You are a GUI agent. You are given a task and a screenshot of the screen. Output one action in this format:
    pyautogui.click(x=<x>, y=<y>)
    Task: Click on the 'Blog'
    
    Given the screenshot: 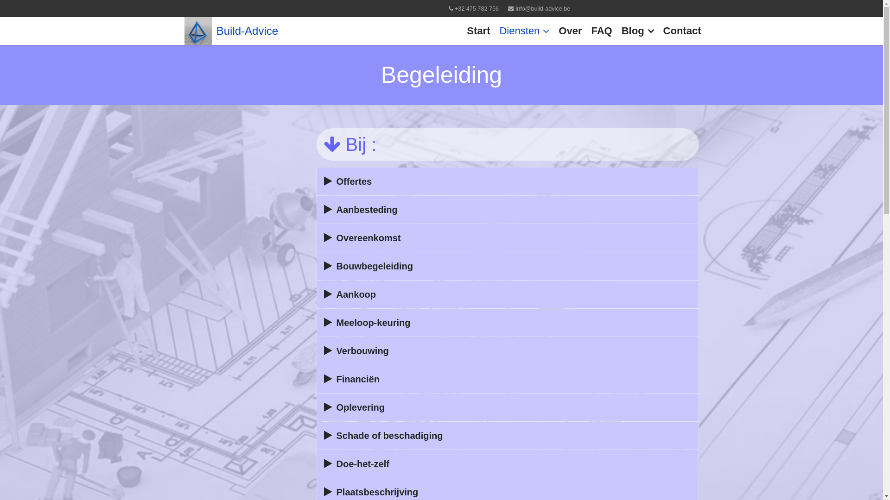 What is the action you would take?
    pyautogui.click(x=637, y=30)
    